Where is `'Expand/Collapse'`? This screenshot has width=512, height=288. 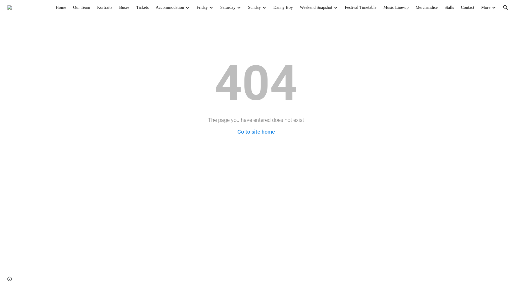 'Expand/Collapse' is located at coordinates (335, 7).